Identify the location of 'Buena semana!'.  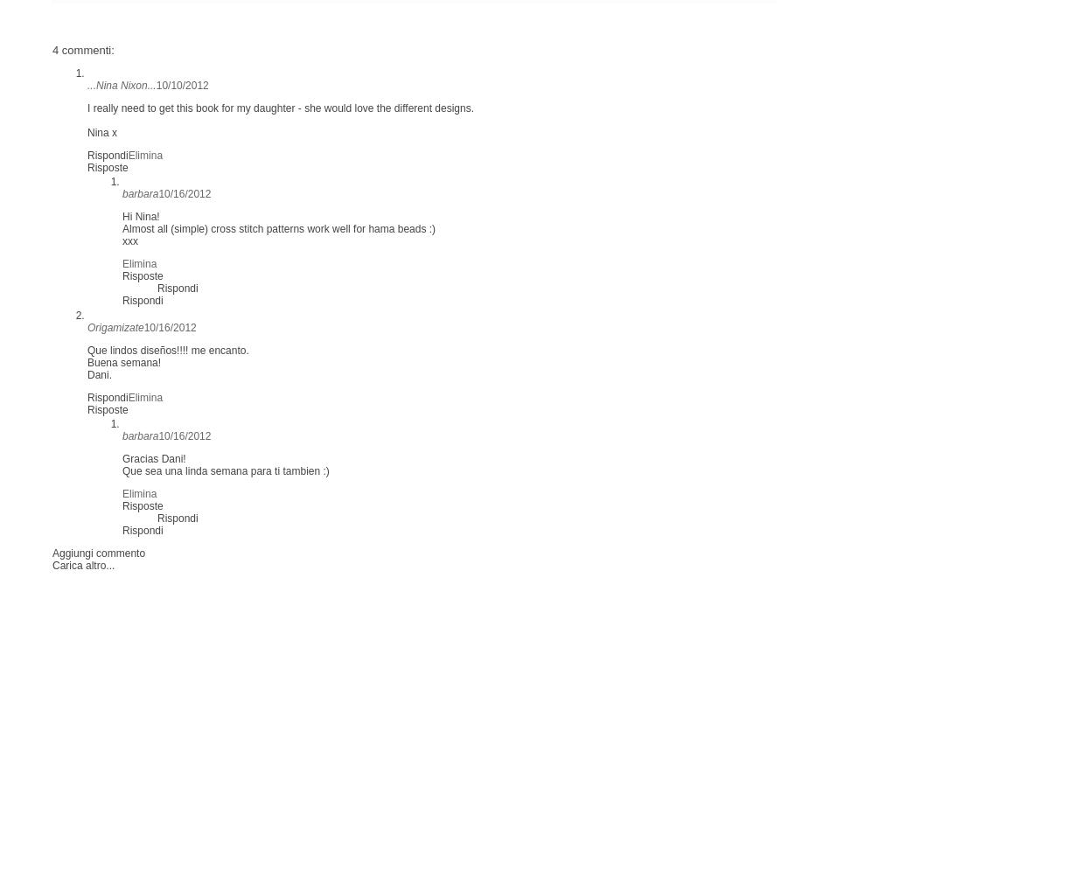
(123, 362).